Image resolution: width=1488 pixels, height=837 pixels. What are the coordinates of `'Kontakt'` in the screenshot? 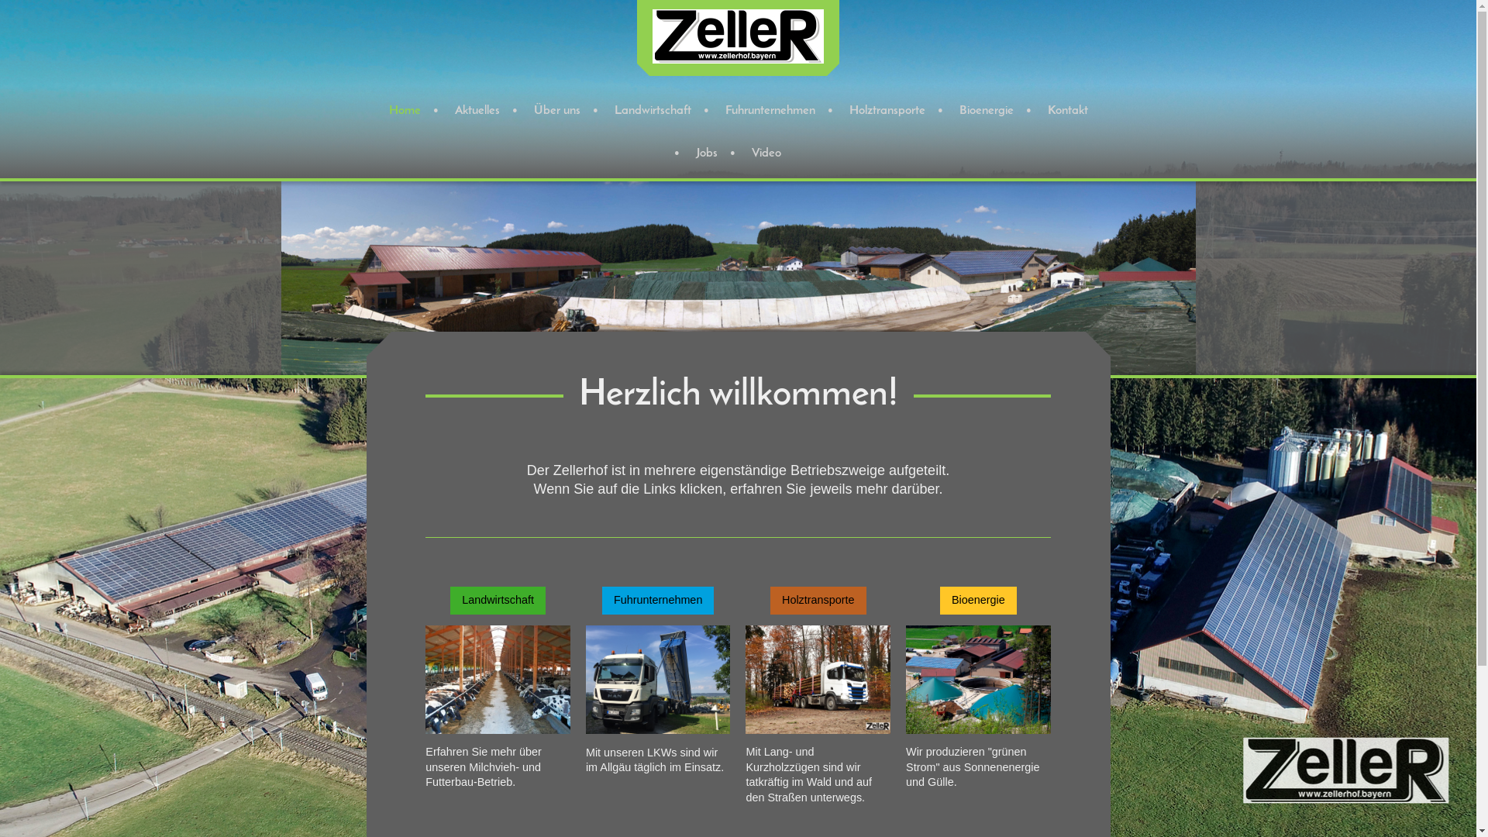 It's located at (1032, 110).